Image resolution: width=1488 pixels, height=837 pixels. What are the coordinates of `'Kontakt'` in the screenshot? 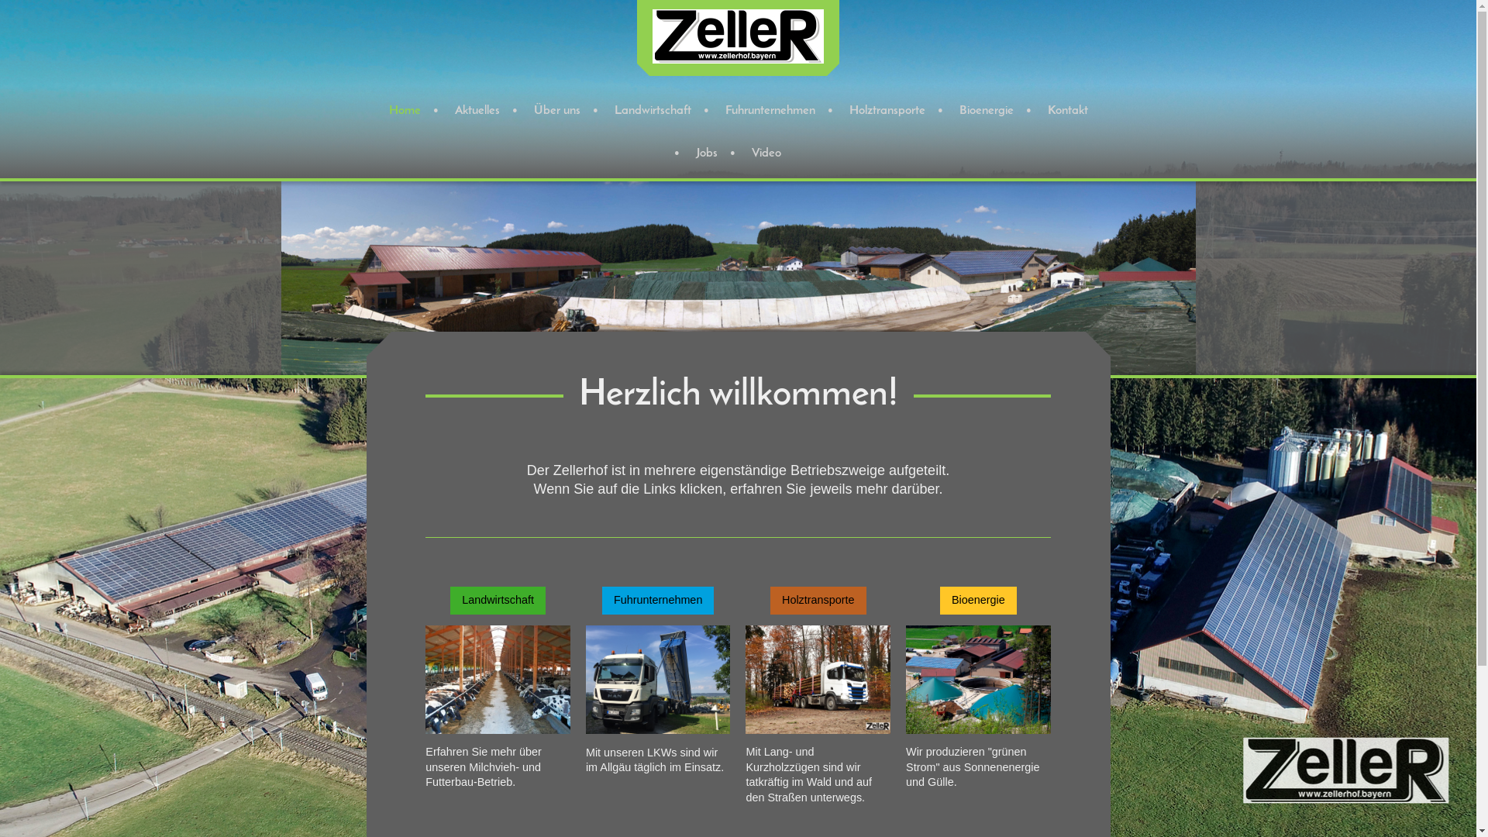 It's located at (1032, 110).